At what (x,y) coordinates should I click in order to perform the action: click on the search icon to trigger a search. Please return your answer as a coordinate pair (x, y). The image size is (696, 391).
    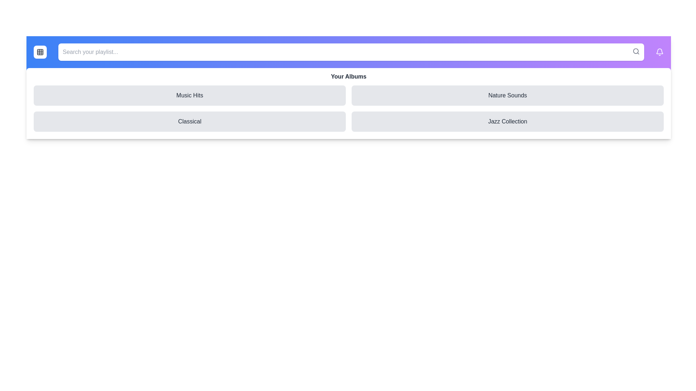
    Looking at the image, I should click on (636, 51).